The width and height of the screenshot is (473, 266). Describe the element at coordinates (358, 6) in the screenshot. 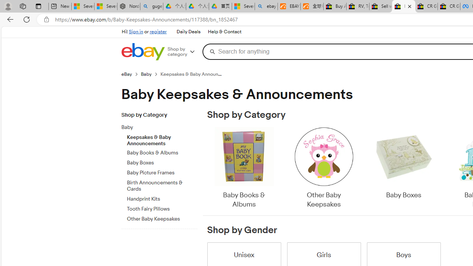

I see `'RV, Trailer & Camper Steps & Ladders for sale | eBay'` at that location.